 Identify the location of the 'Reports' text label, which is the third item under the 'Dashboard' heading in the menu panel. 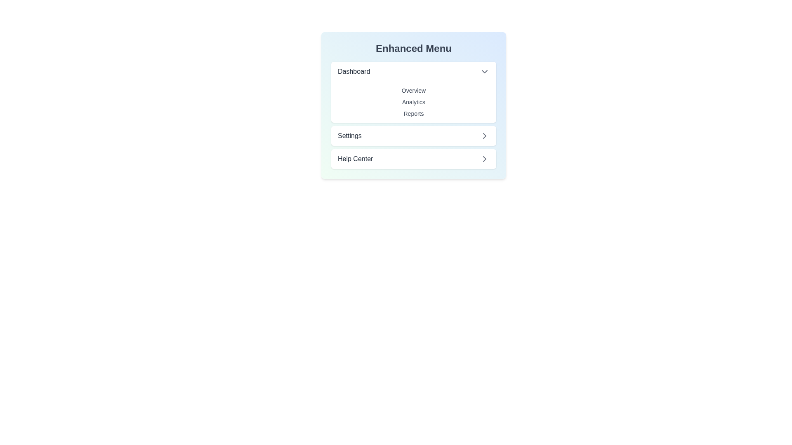
(414, 115).